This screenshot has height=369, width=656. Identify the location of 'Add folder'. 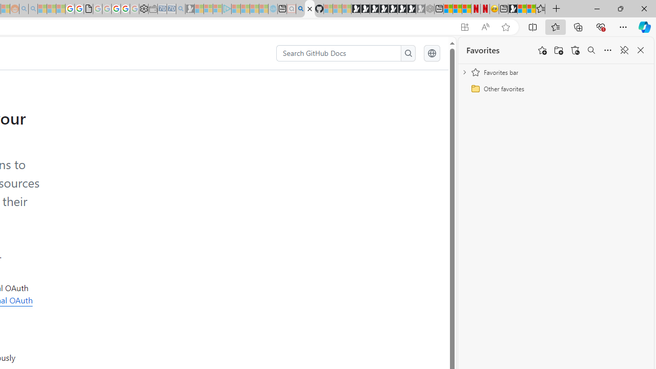
(558, 50).